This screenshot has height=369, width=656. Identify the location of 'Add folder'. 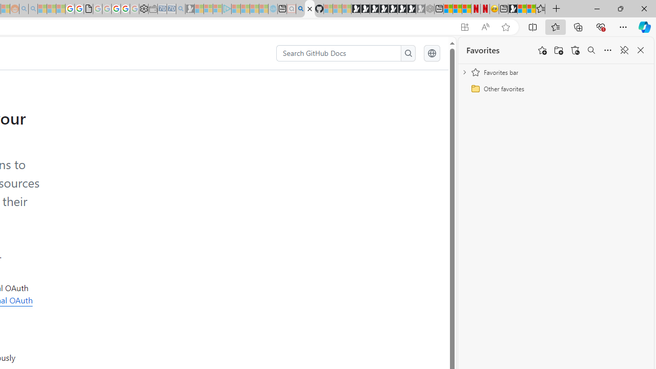
(558, 50).